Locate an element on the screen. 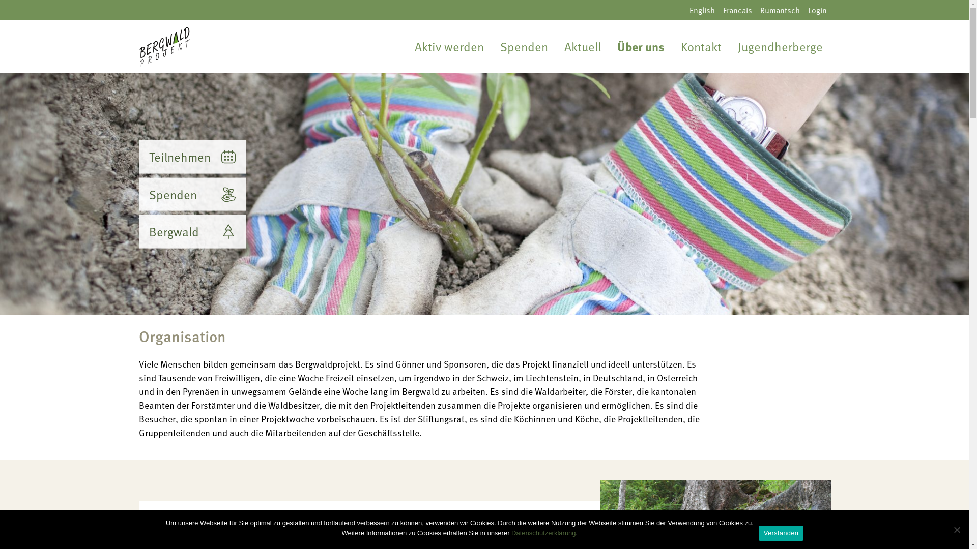  'Kontakt' is located at coordinates (700, 47).